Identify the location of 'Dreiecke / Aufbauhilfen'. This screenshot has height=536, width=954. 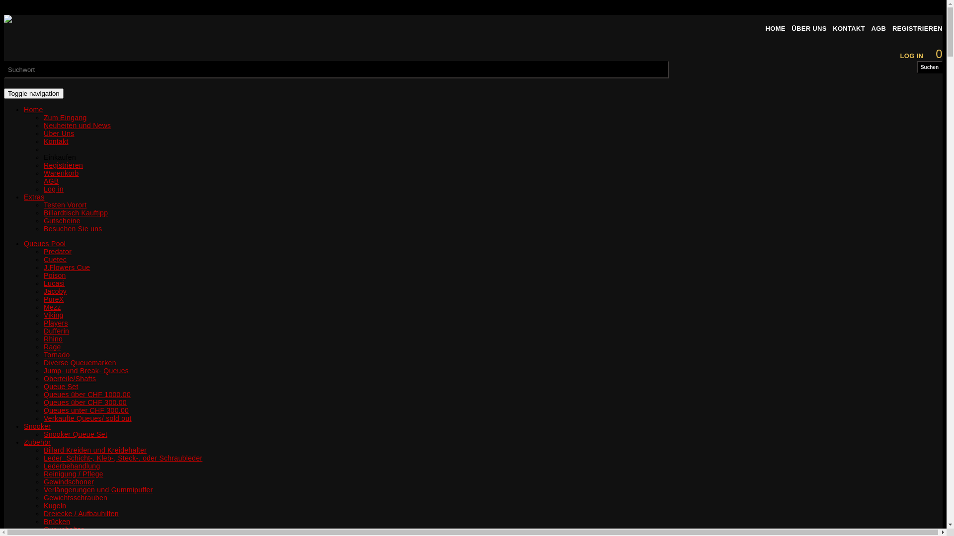
(43, 513).